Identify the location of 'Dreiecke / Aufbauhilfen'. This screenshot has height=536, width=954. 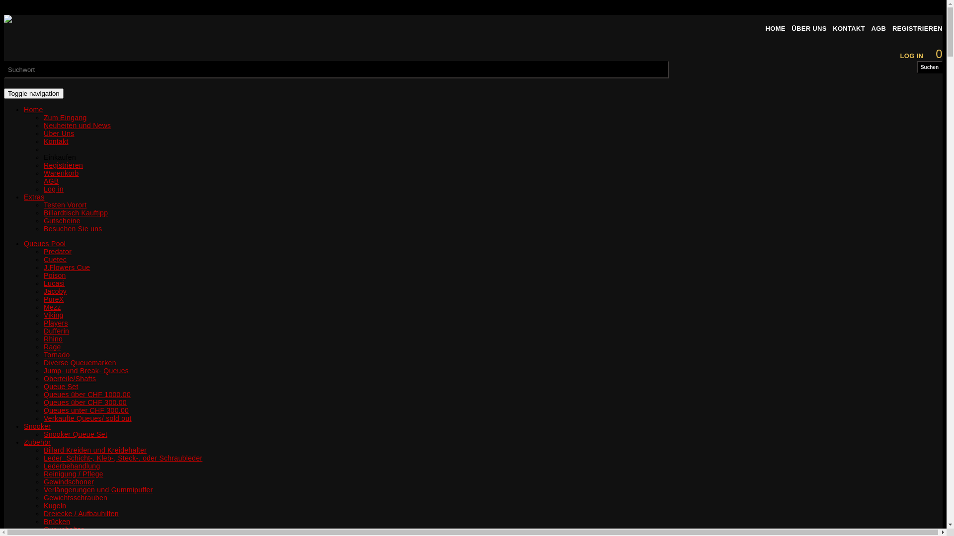
(43, 513).